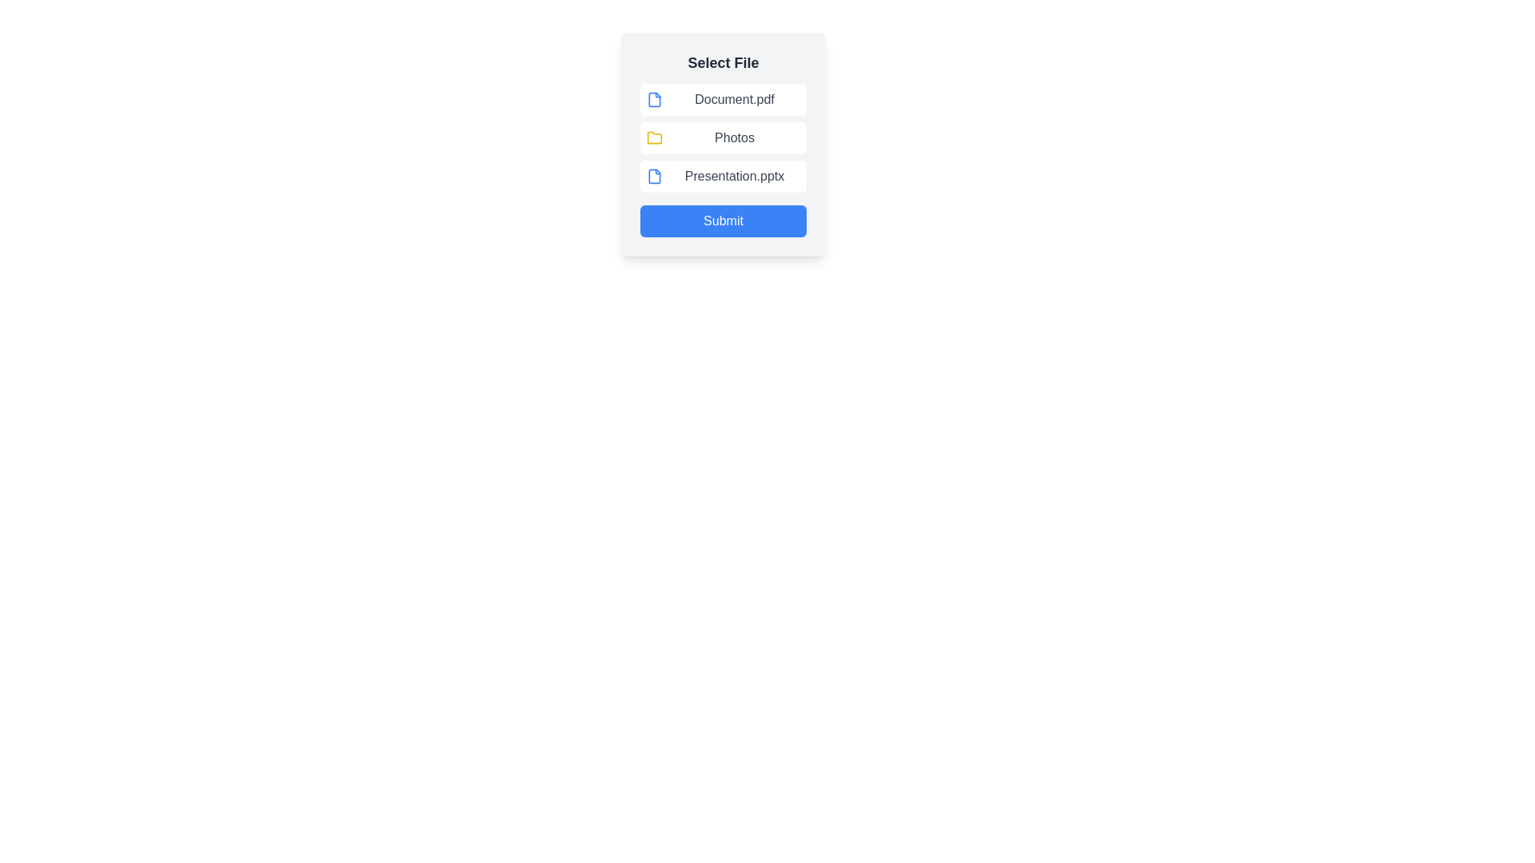 This screenshot has width=1535, height=863. I want to click on the yellow folder icon, which is an SVG graphic located to the left of the 'Photos' text in the second row of the file selection list, so click(655, 137).